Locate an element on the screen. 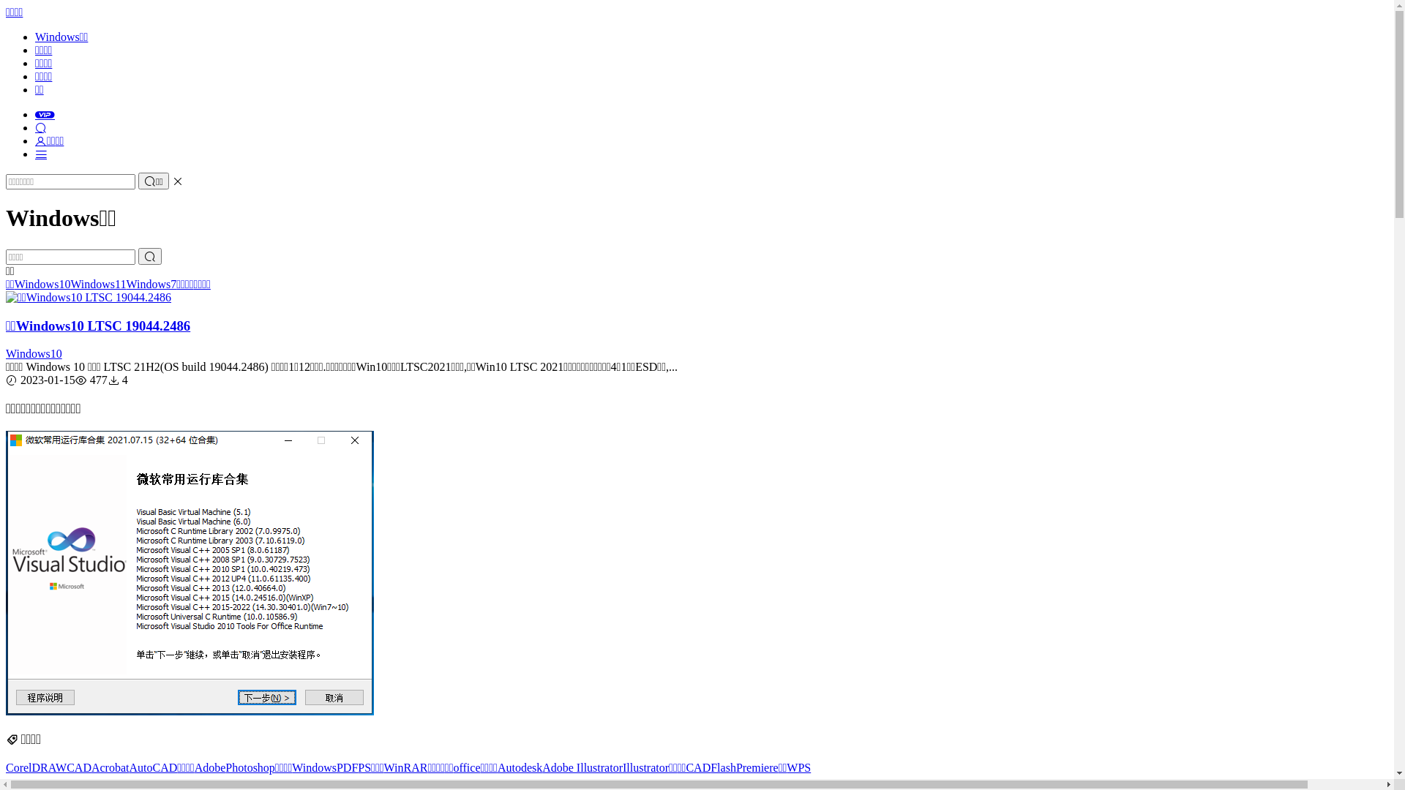  'Illustrator' is located at coordinates (645, 767).